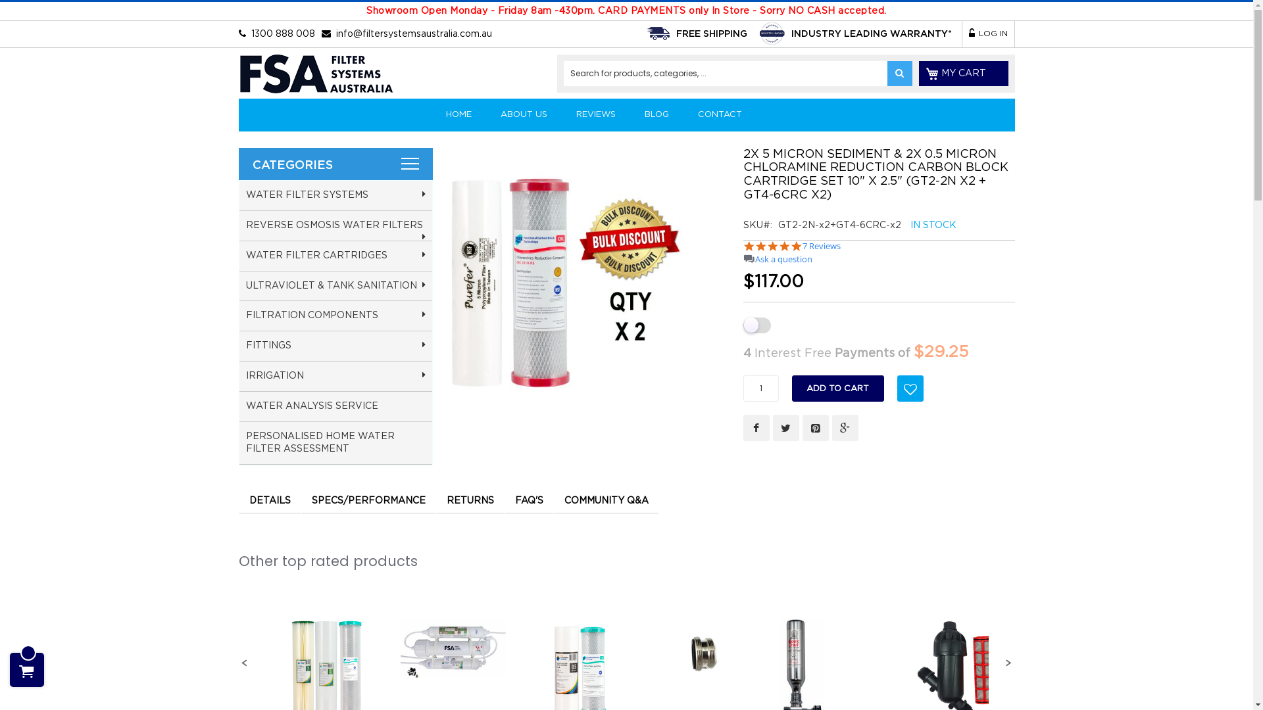  I want to click on 'DETAILS', so click(268, 500).